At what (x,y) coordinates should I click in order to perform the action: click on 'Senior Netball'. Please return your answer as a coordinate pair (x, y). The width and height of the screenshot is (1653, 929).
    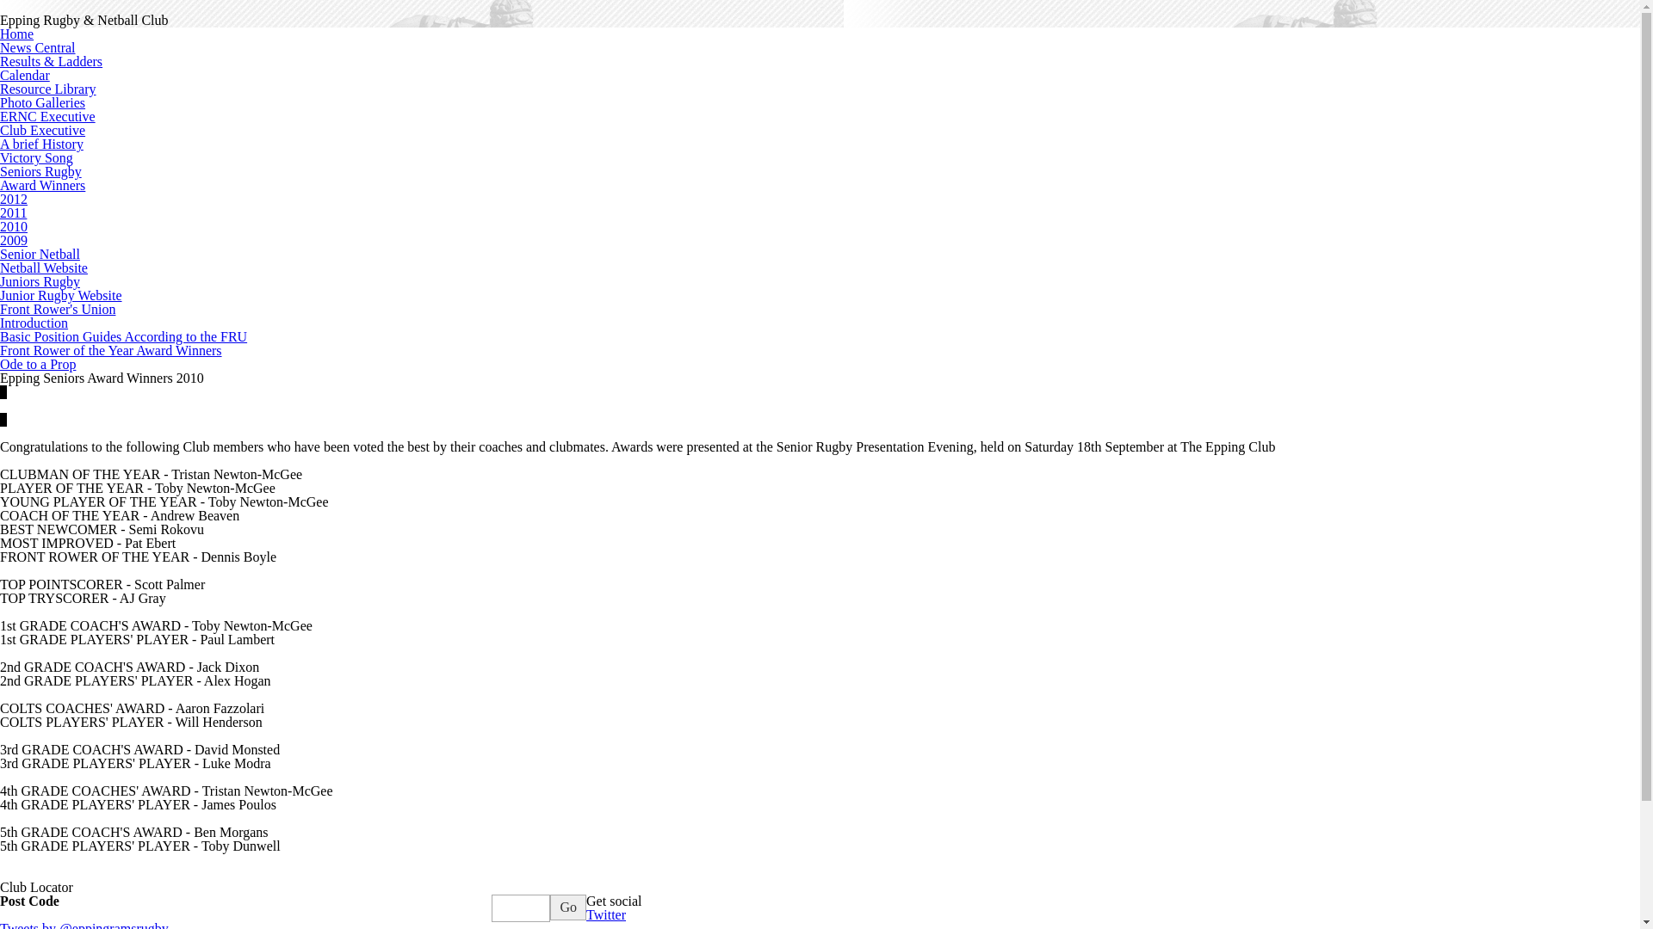
    Looking at the image, I should click on (40, 254).